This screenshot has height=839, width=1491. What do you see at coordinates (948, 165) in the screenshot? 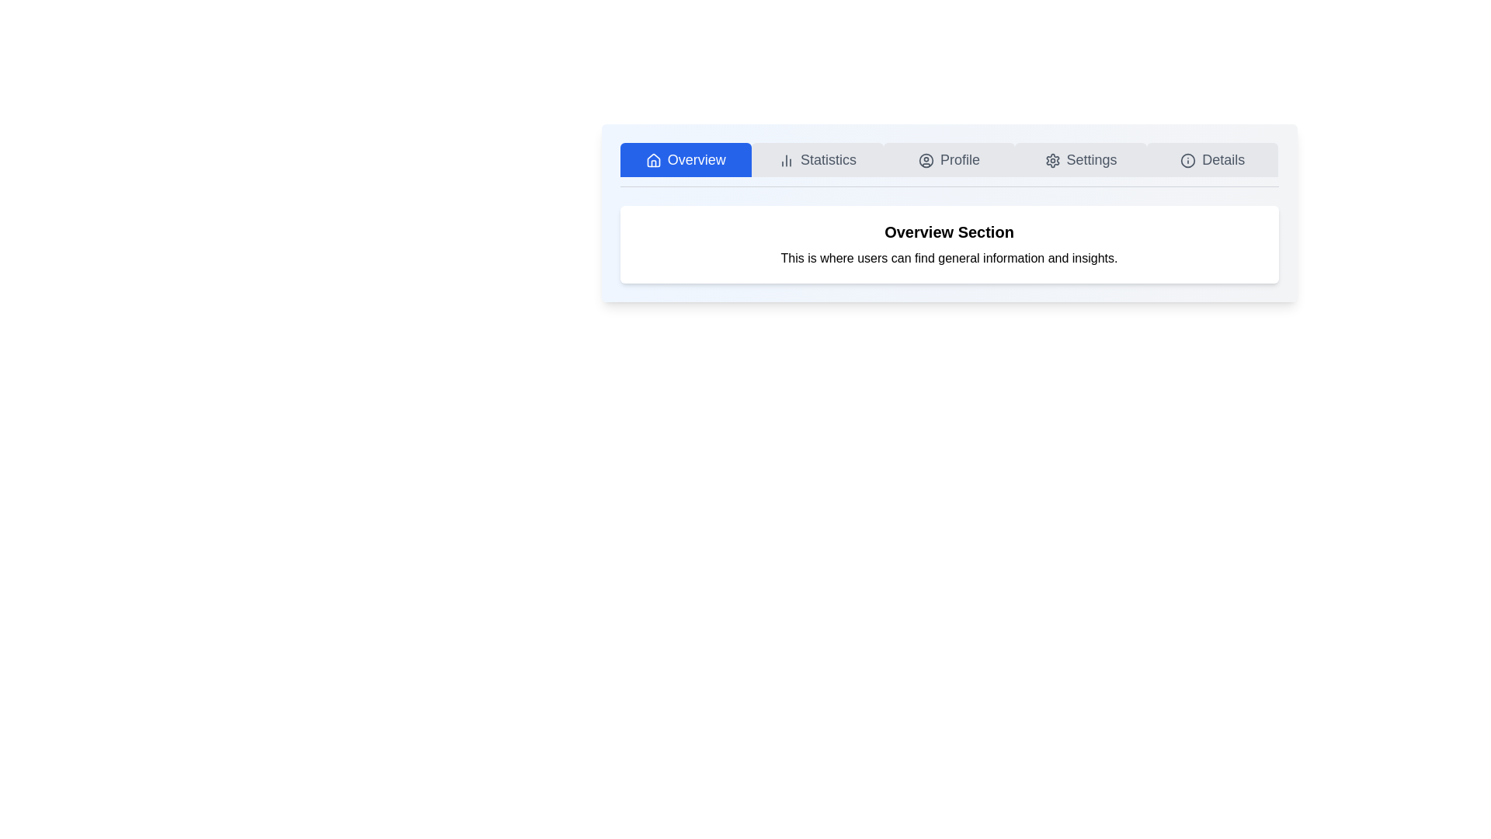
I see `the 'Profile' tab, which is the third tab in the navigation bar` at bounding box center [948, 165].